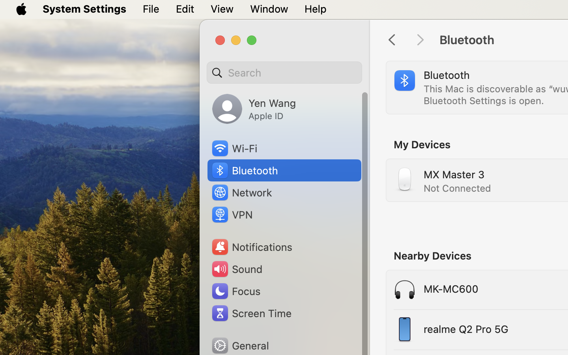  What do you see at coordinates (237, 269) in the screenshot?
I see `'Sound'` at bounding box center [237, 269].